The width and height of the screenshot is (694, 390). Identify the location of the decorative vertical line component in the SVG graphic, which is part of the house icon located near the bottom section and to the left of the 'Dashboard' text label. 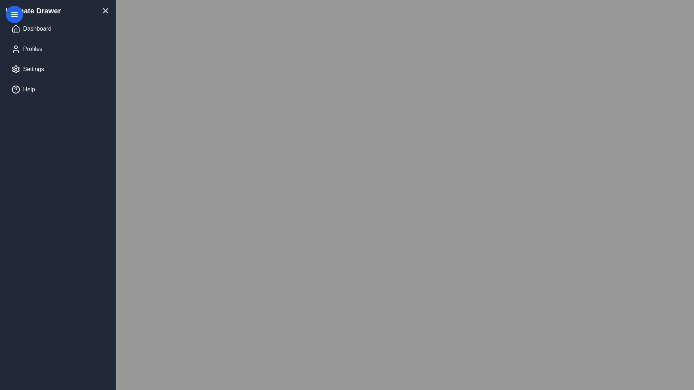
(16, 30).